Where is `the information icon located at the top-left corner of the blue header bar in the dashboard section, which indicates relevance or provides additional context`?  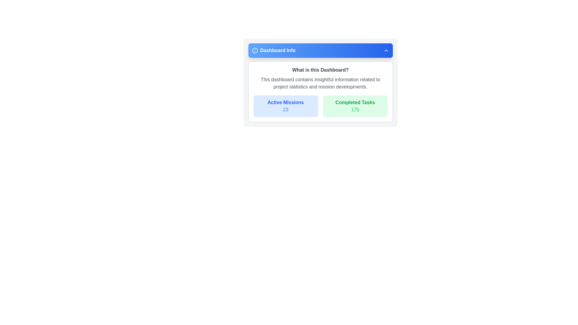 the information icon located at the top-left corner of the blue header bar in the dashboard section, which indicates relevance or provides additional context is located at coordinates (255, 50).